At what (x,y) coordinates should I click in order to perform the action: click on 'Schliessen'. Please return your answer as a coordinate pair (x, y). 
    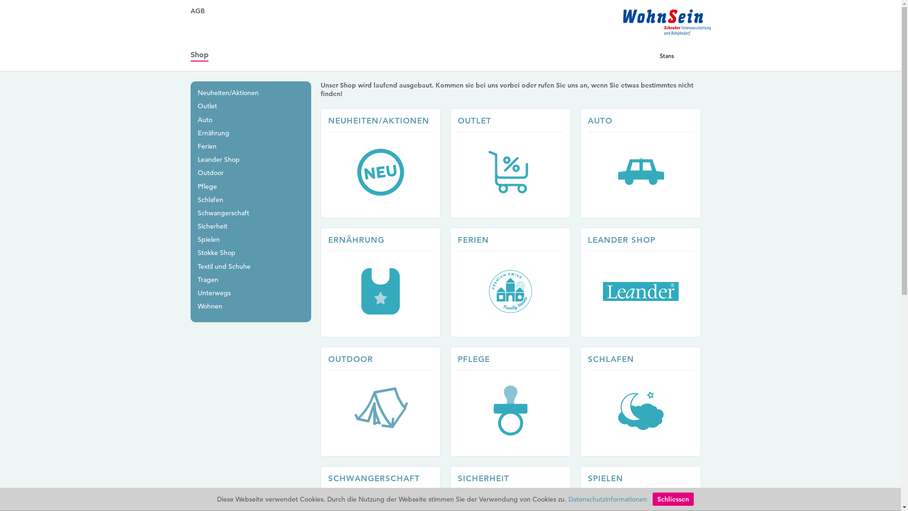
    Looking at the image, I should click on (672, 499).